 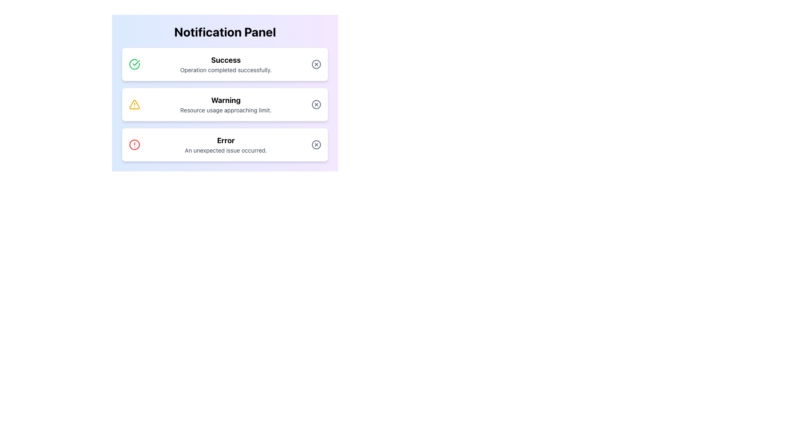 What do you see at coordinates (316, 144) in the screenshot?
I see `the dismiss button located in the bottom right corner of the error notification card` at bounding box center [316, 144].